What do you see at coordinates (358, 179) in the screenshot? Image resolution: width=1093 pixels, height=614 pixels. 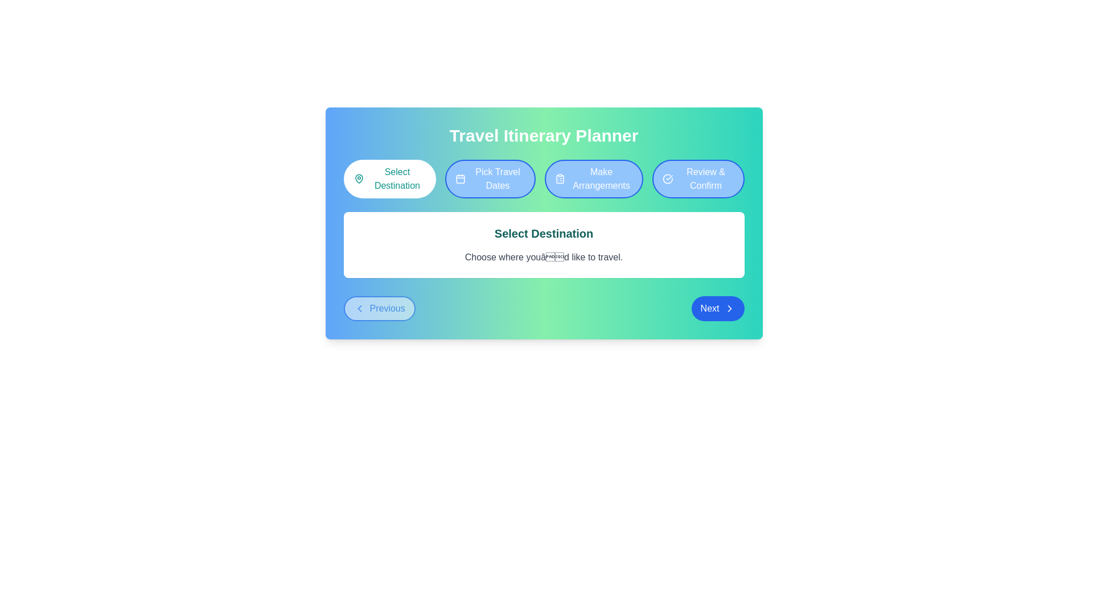 I see `the map pin icon with a teal outline located to the left of the 'Select Destination' label within the button` at bounding box center [358, 179].